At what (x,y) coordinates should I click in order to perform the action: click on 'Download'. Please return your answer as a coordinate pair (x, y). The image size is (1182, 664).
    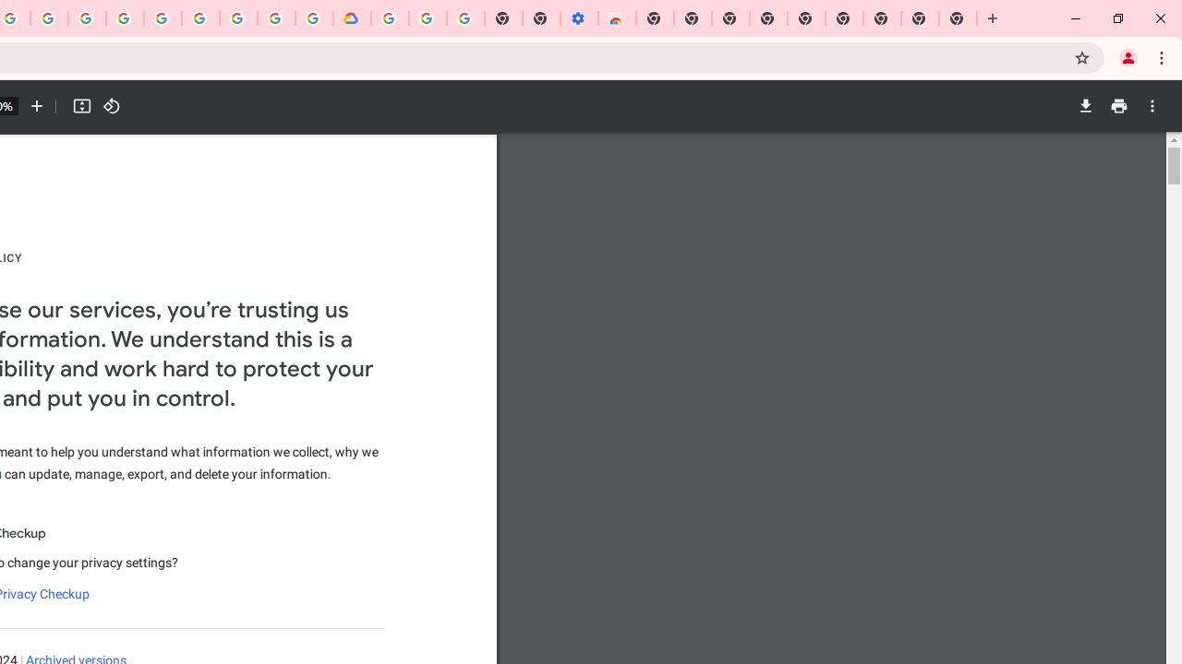
    Looking at the image, I should click on (1085, 106).